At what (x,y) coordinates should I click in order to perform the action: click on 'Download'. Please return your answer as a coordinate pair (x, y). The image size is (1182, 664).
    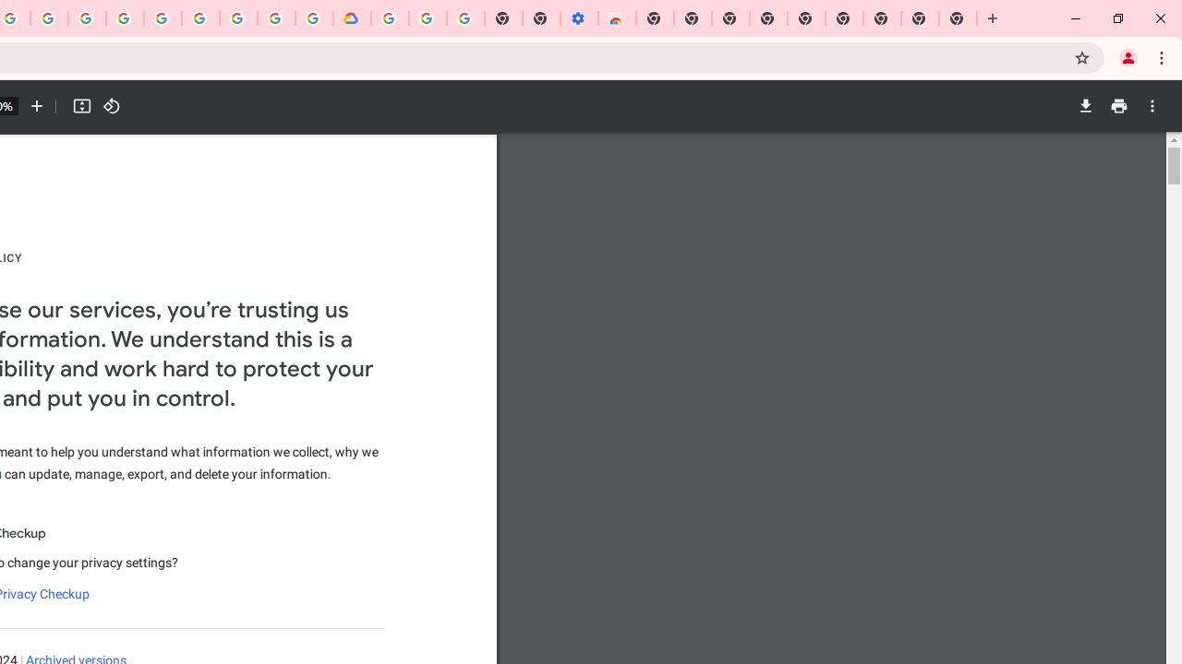
    Looking at the image, I should click on (1085, 106).